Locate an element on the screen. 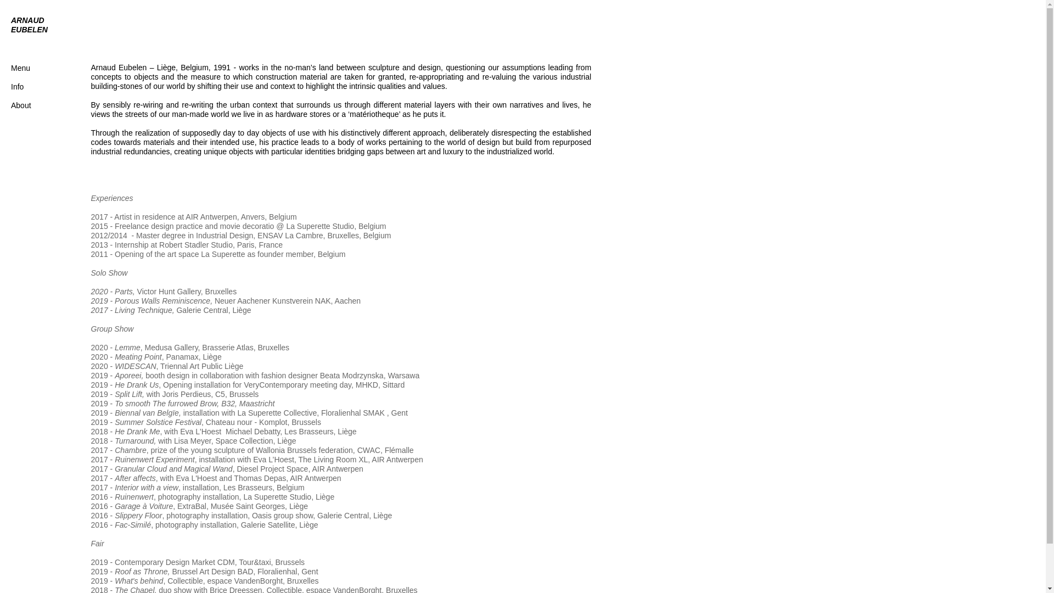  'EUBELEN' is located at coordinates (10, 29).